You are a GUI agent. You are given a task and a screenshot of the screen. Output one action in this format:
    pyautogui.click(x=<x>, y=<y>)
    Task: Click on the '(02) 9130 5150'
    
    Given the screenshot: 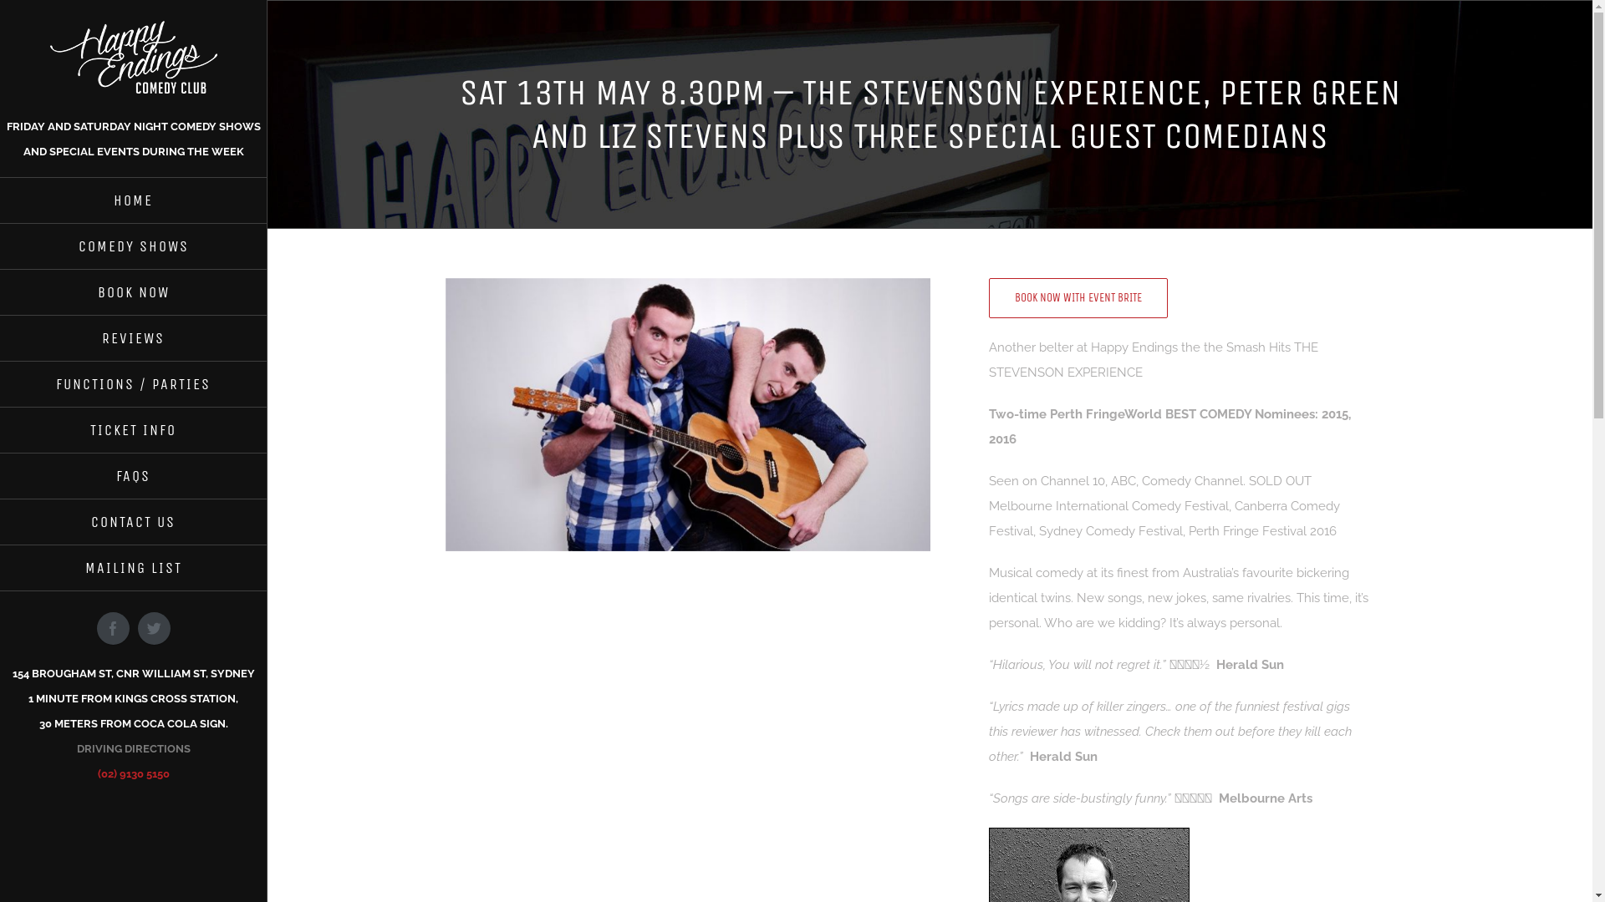 What is the action you would take?
    pyautogui.click(x=131, y=773)
    